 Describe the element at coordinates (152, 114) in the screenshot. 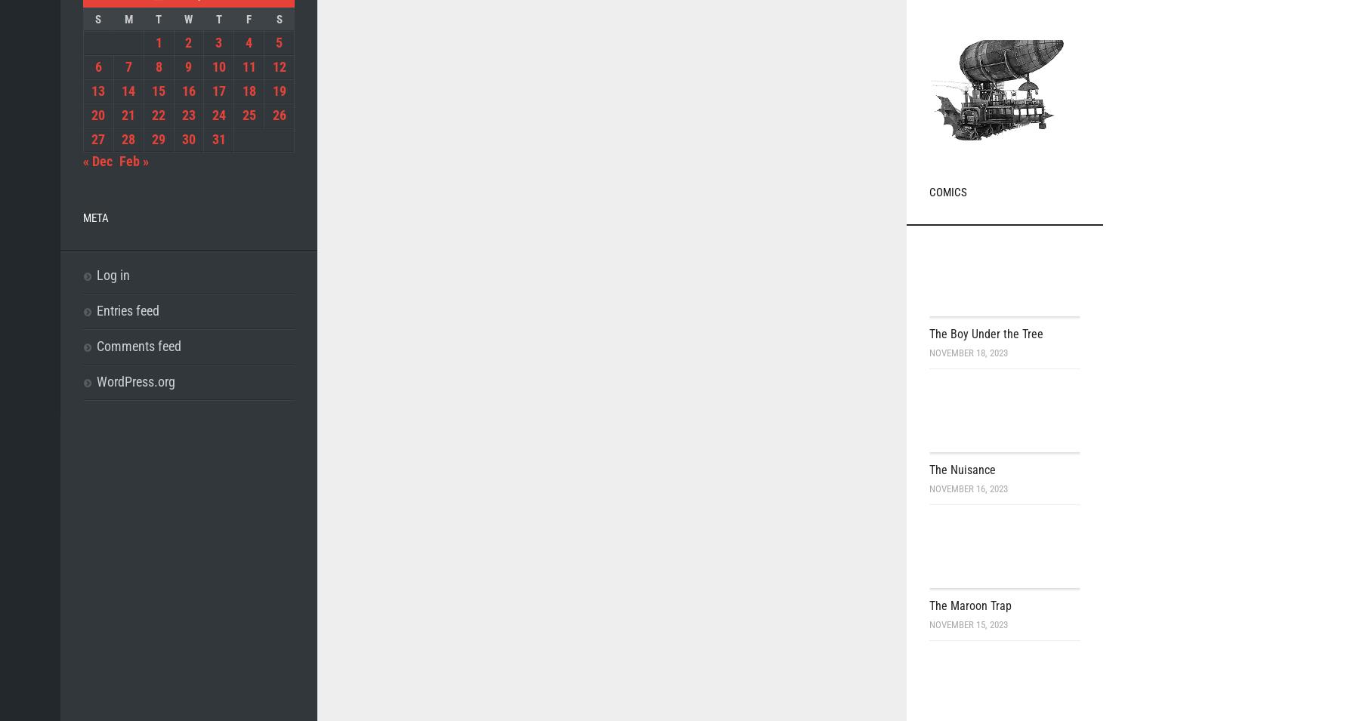

I see `'22'` at that location.